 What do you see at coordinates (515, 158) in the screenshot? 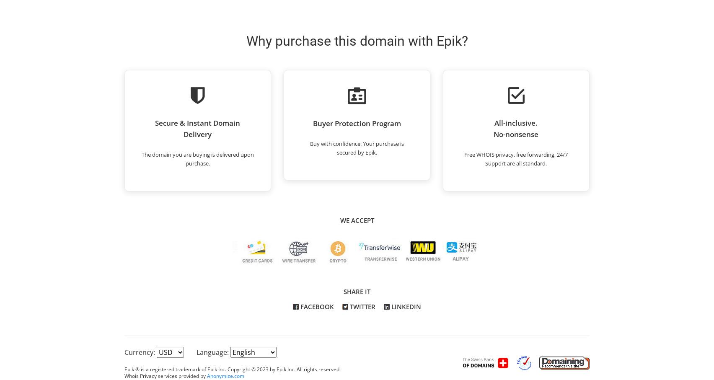
I see `'Free WHOIS privacy, free forwarding, 24/7 Support are all standard.'` at bounding box center [515, 158].